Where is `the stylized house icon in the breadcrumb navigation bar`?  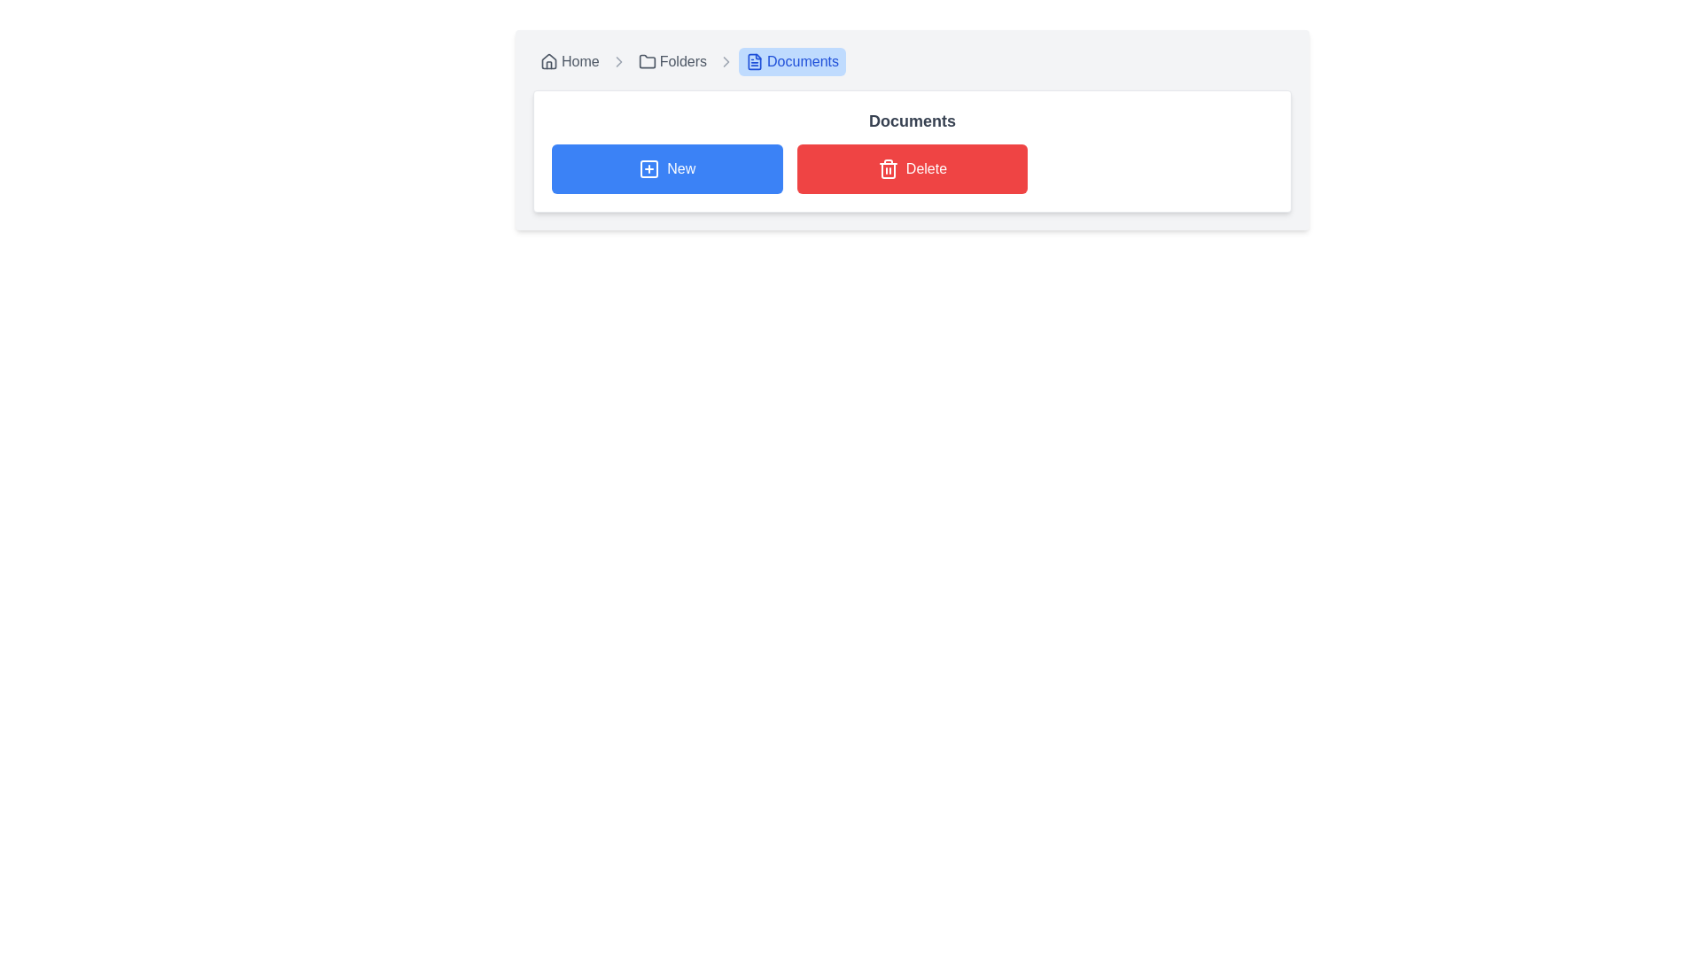
the stylized house icon in the breadcrumb navigation bar is located at coordinates (548, 60).